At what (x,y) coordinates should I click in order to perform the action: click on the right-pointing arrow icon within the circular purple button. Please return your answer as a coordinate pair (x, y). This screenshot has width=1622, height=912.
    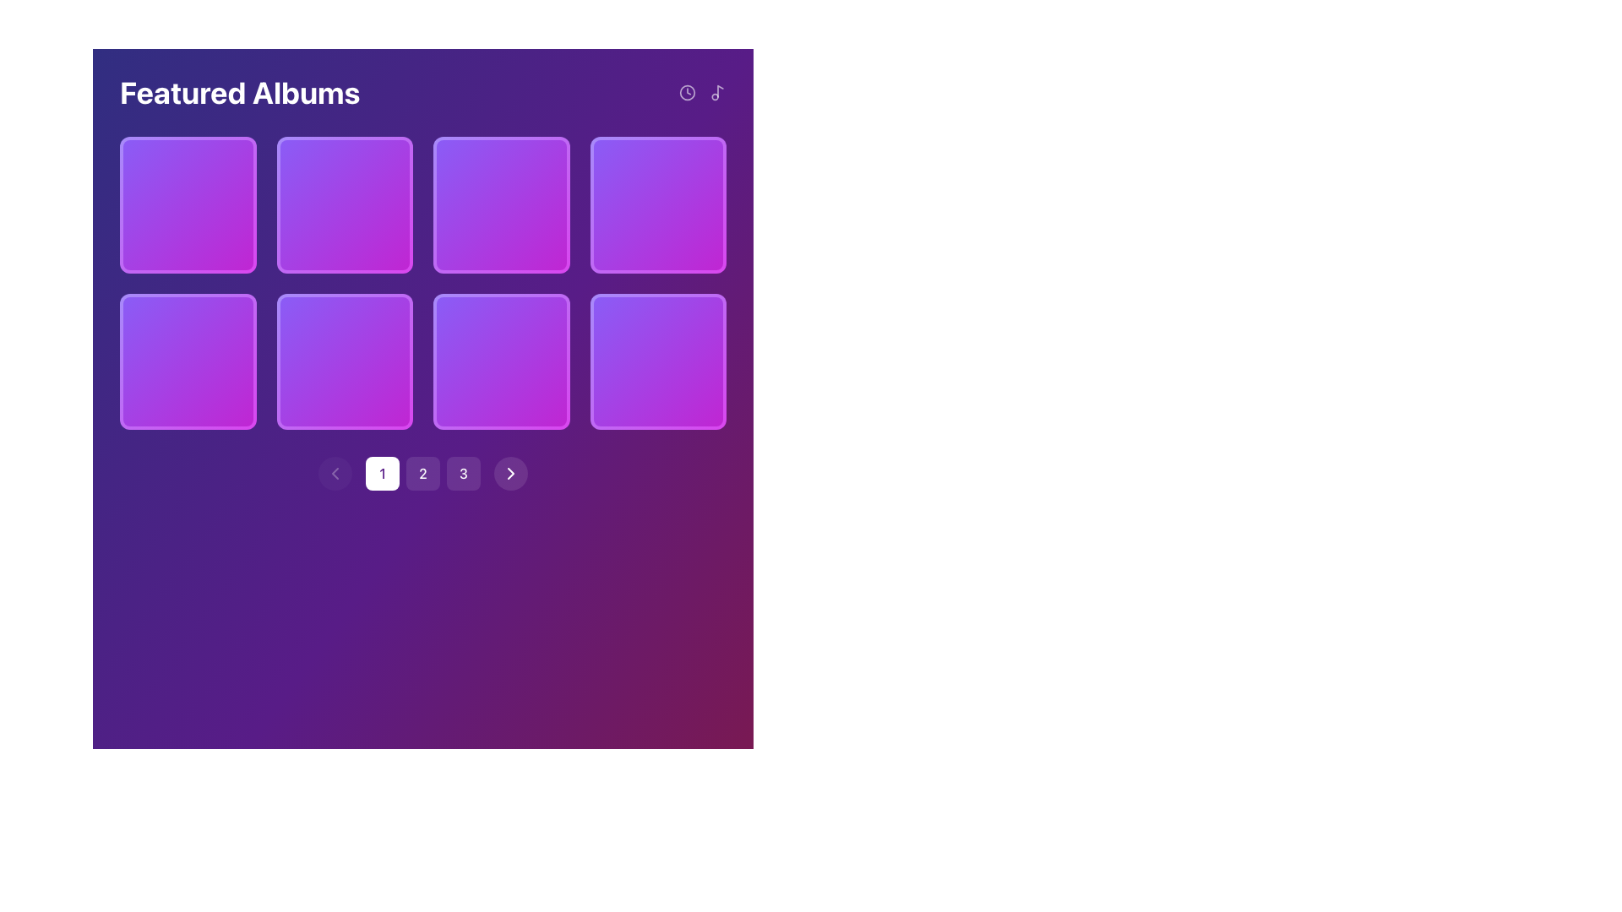
    Looking at the image, I should click on (509, 473).